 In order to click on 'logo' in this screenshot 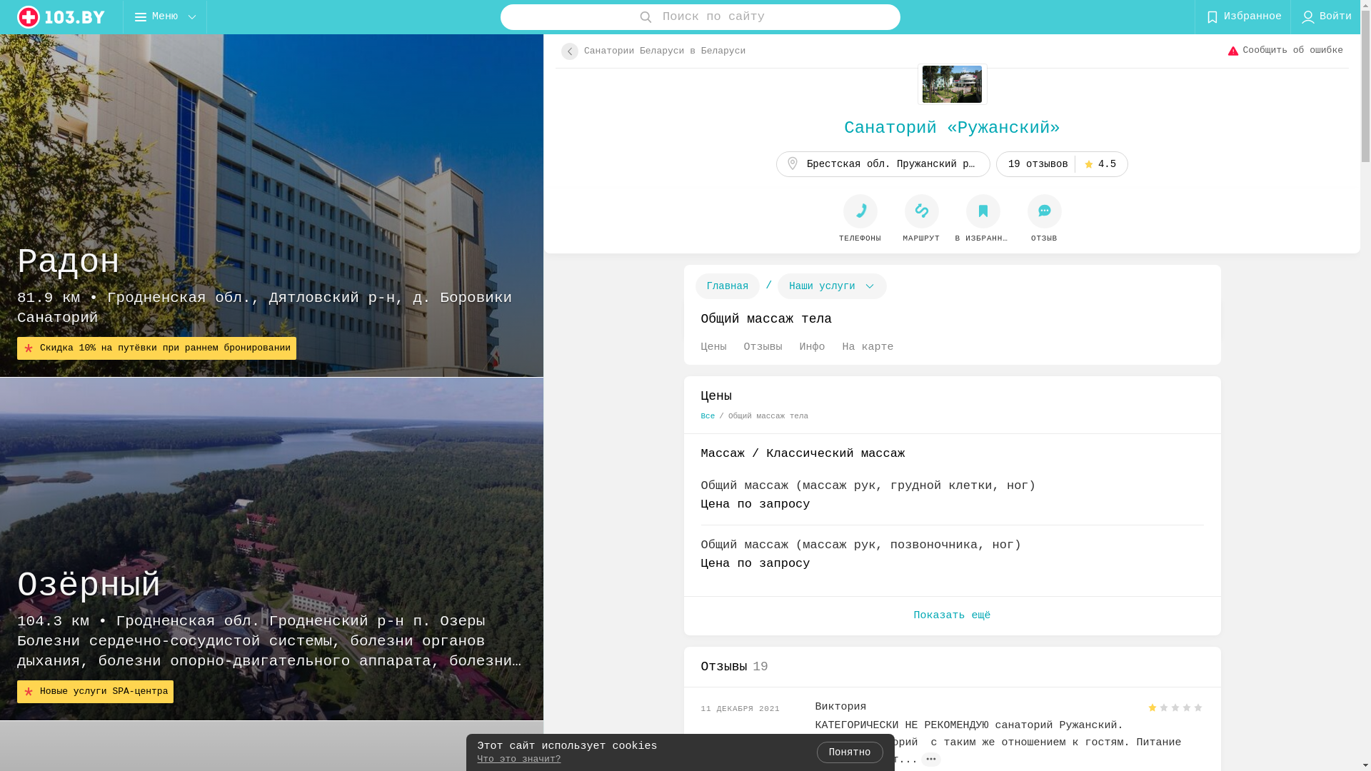, I will do `click(17, 16)`.